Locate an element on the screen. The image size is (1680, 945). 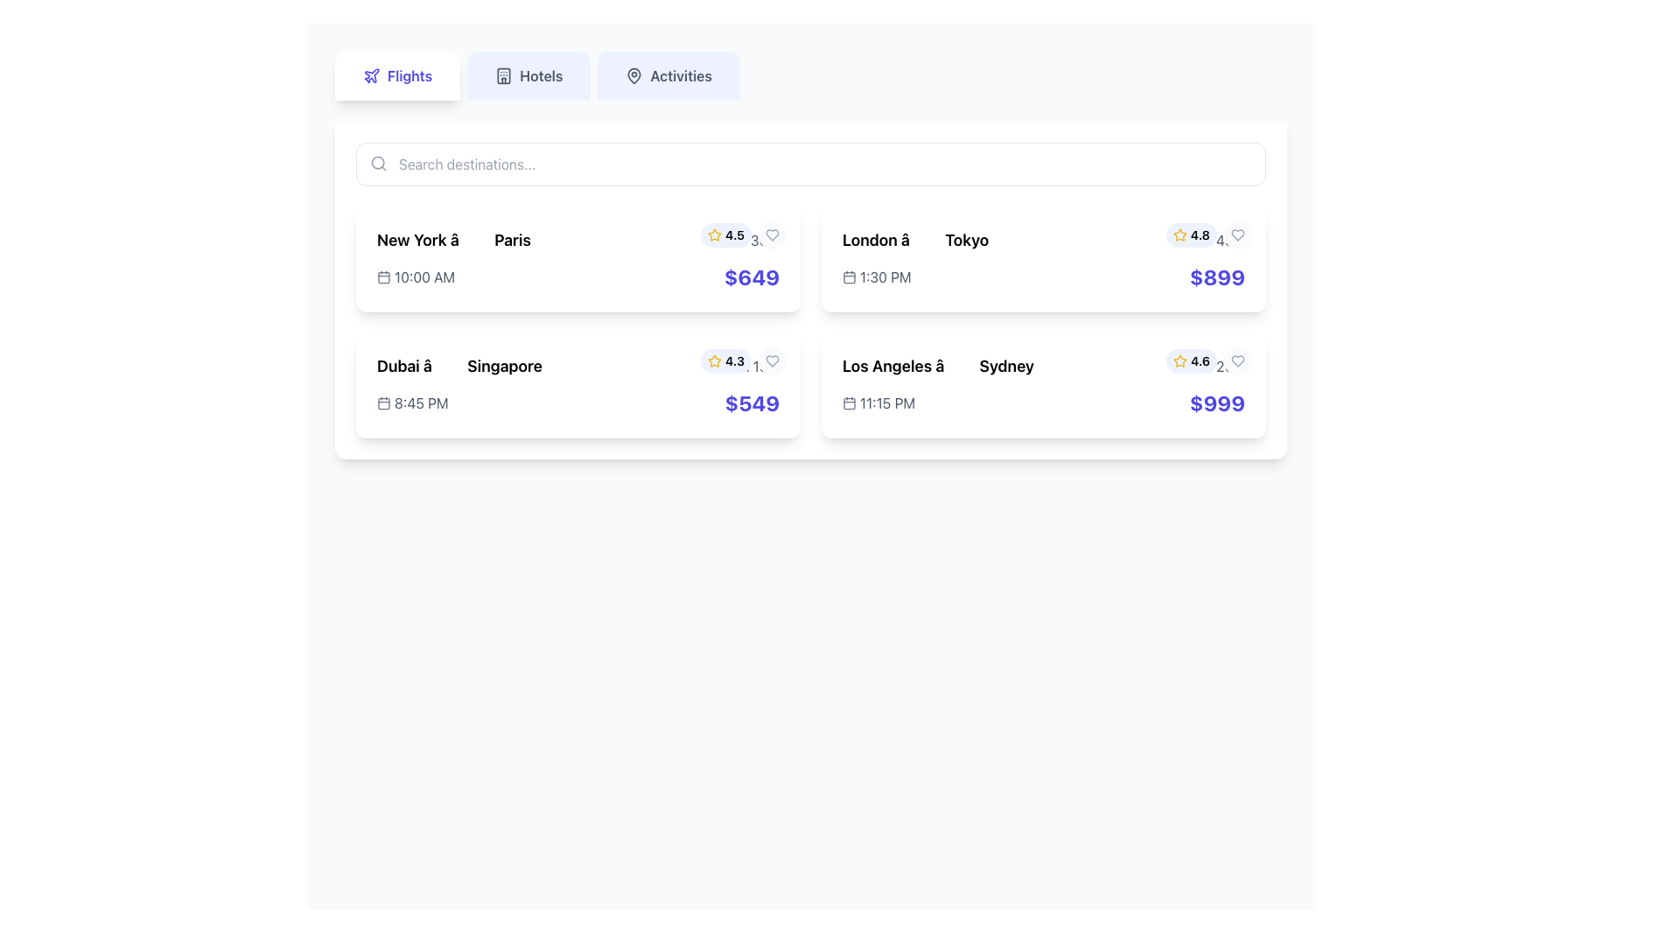
the map pin icon located at the top-left side of the interface, next to the 'Flights' tab is located at coordinates (633, 75).